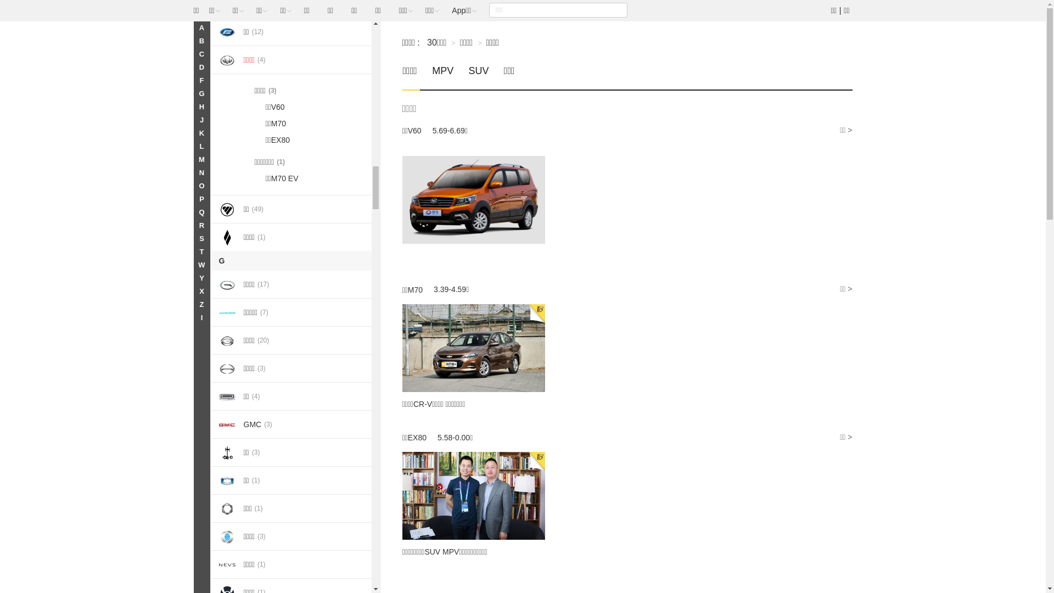 The width and height of the screenshot is (1054, 593). What do you see at coordinates (201, 120) in the screenshot?
I see `'J'` at bounding box center [201, 120].